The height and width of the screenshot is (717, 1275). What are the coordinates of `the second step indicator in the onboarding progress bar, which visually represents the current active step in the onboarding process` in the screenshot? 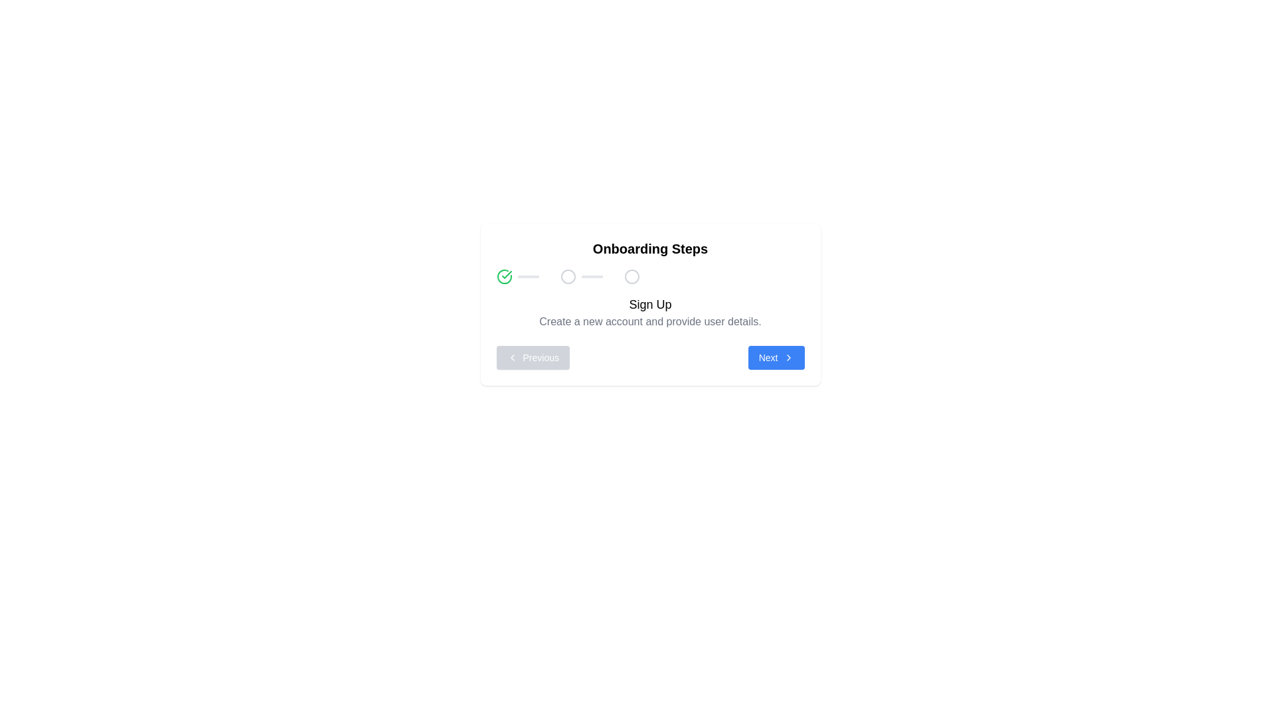 It's located at (568, 276).